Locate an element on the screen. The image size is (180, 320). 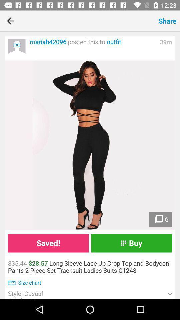
poster profile is located at coordinates (17, 47).